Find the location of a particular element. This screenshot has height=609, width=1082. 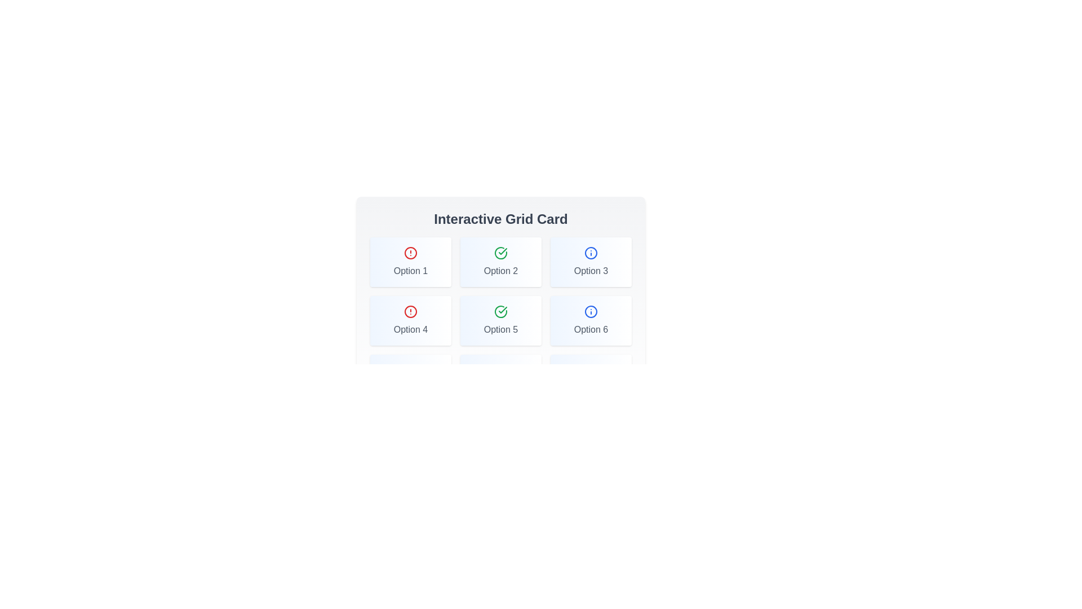

the text label element displaying 'Option 2' in gray color, located at the bottom of the second card in a 3x2 grid layout, positioned below the check mark icon is located at coordinates (500, 271).